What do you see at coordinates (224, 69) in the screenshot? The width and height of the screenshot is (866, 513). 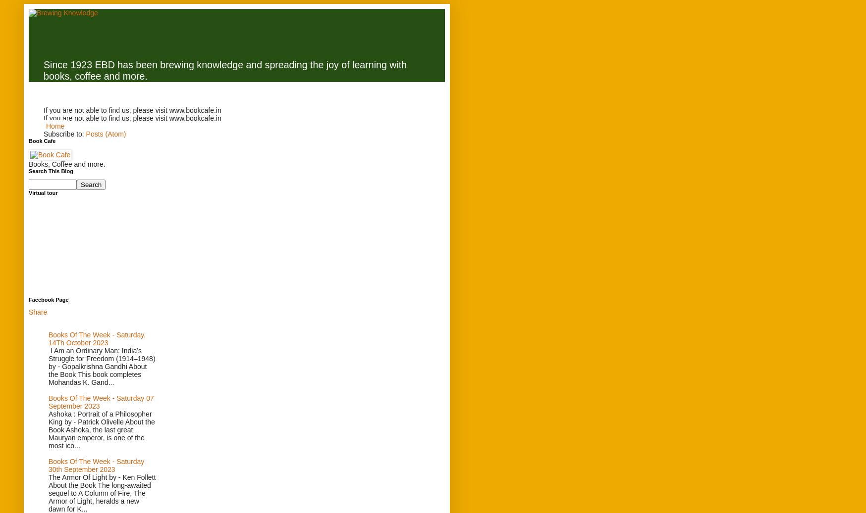 I see `'Since 1923 EBD has been brewing knowledge and spreading the joy of learning with books, coffee and more.'` at bounding box center [224, 69].